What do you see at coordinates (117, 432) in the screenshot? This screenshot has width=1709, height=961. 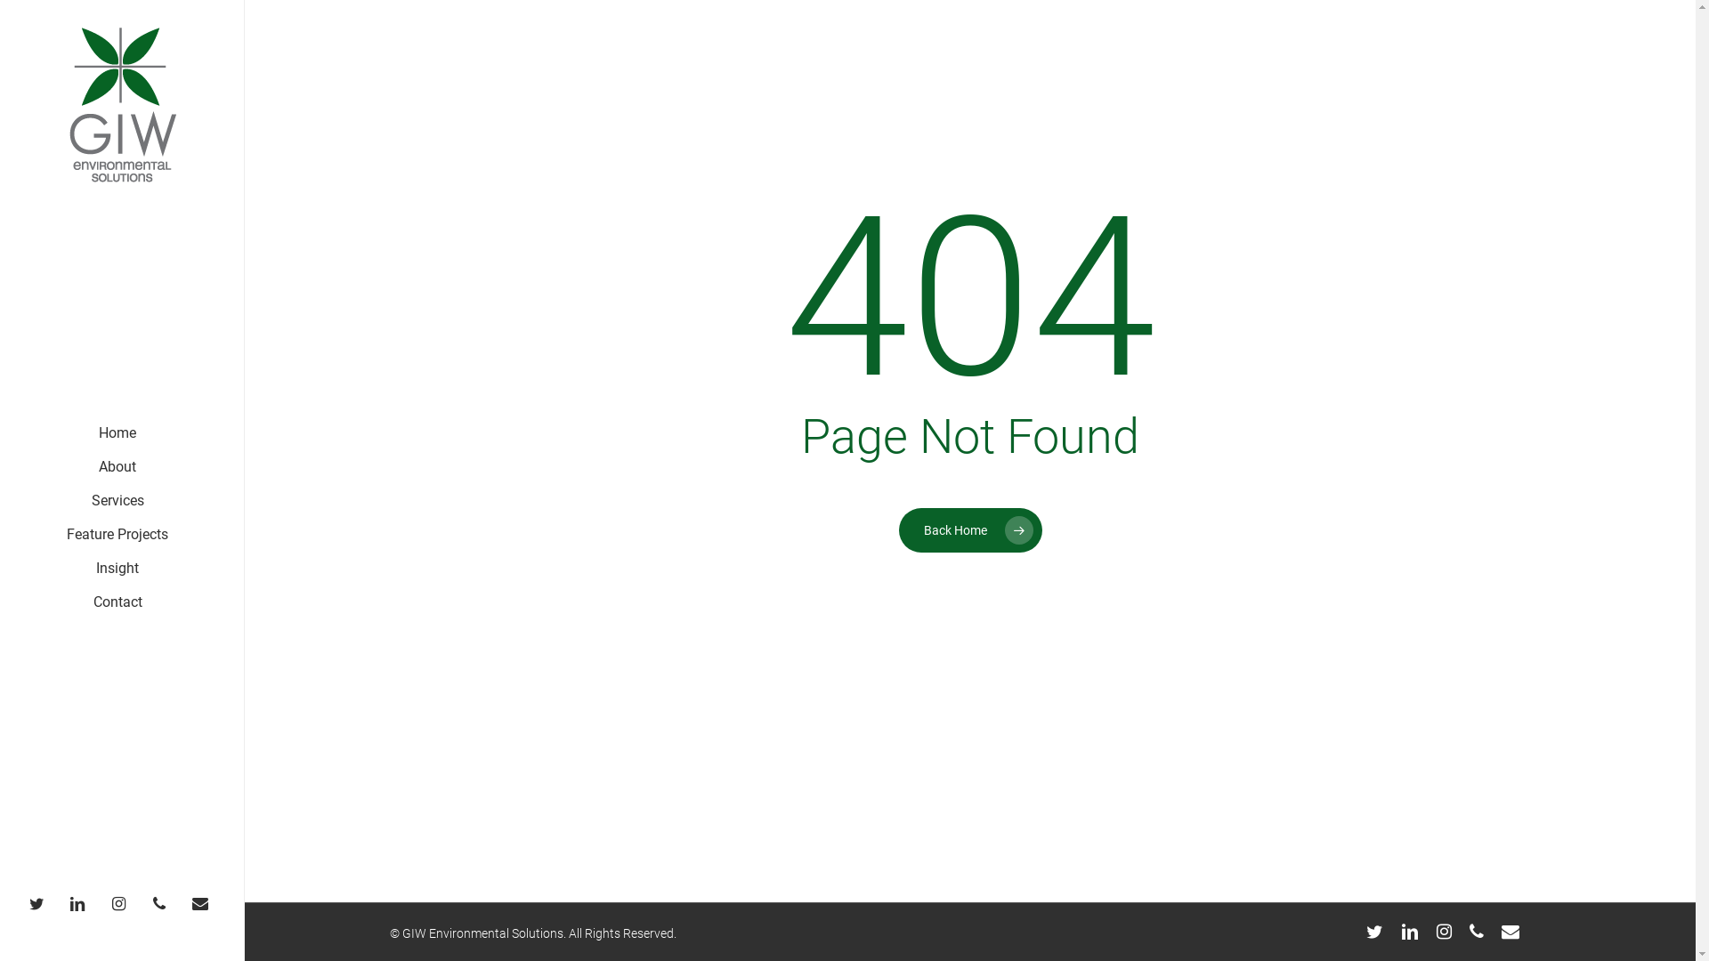 I see `'Home'` at bounding box center [117, 432].